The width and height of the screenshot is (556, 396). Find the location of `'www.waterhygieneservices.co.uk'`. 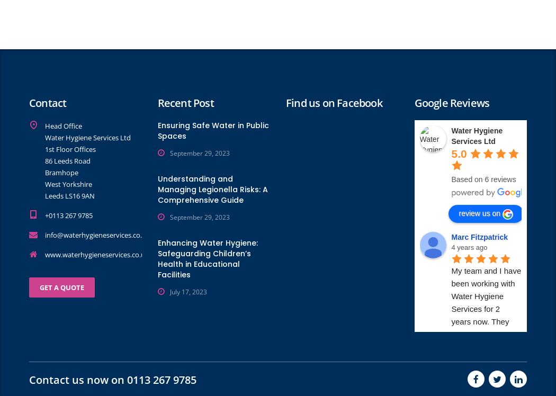

'www.waterhygieneservices.co.uk' is located at coordinates (97, 254).